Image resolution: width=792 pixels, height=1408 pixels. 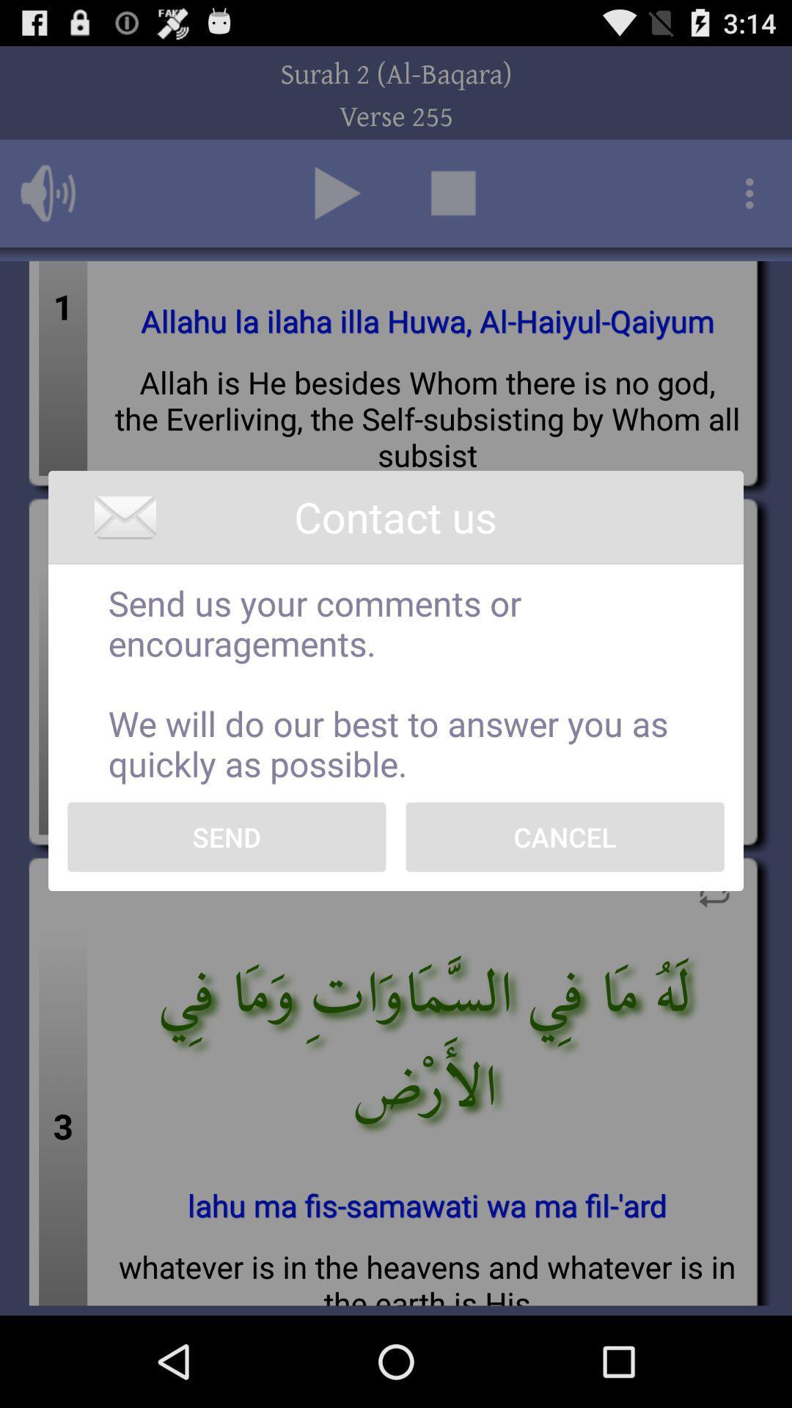 I want to click on cancel, so click(x=564, y=837).